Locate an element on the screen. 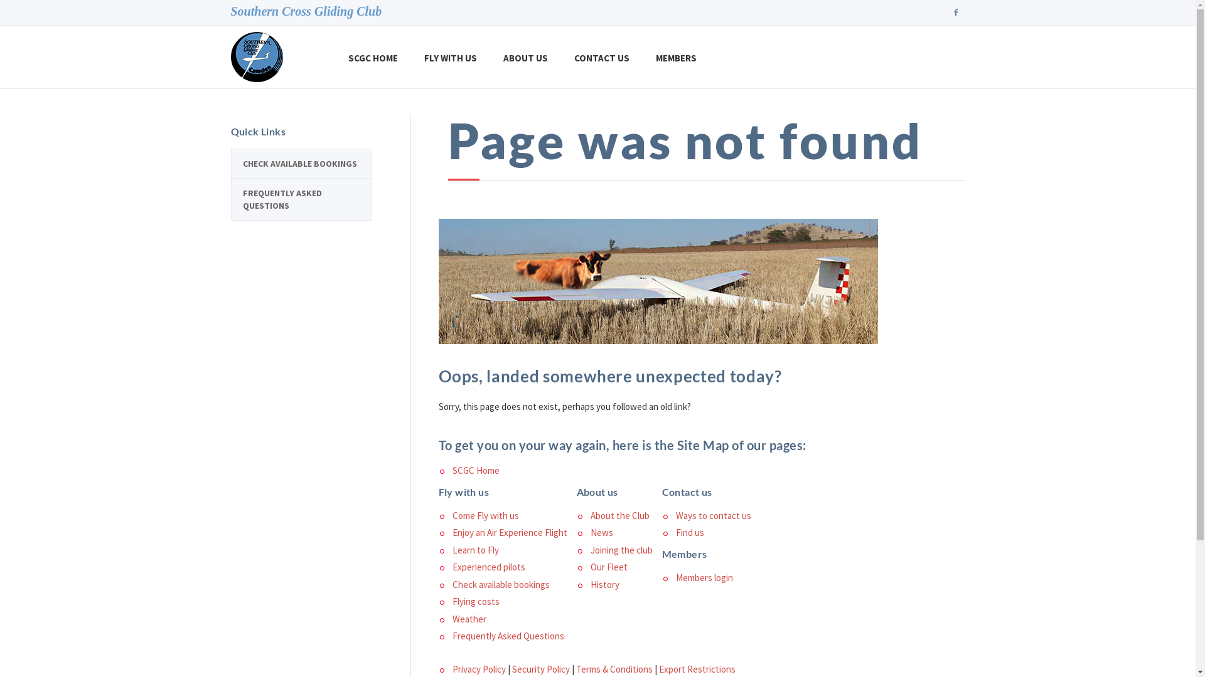  'History' is located at coordinates (604, 584).